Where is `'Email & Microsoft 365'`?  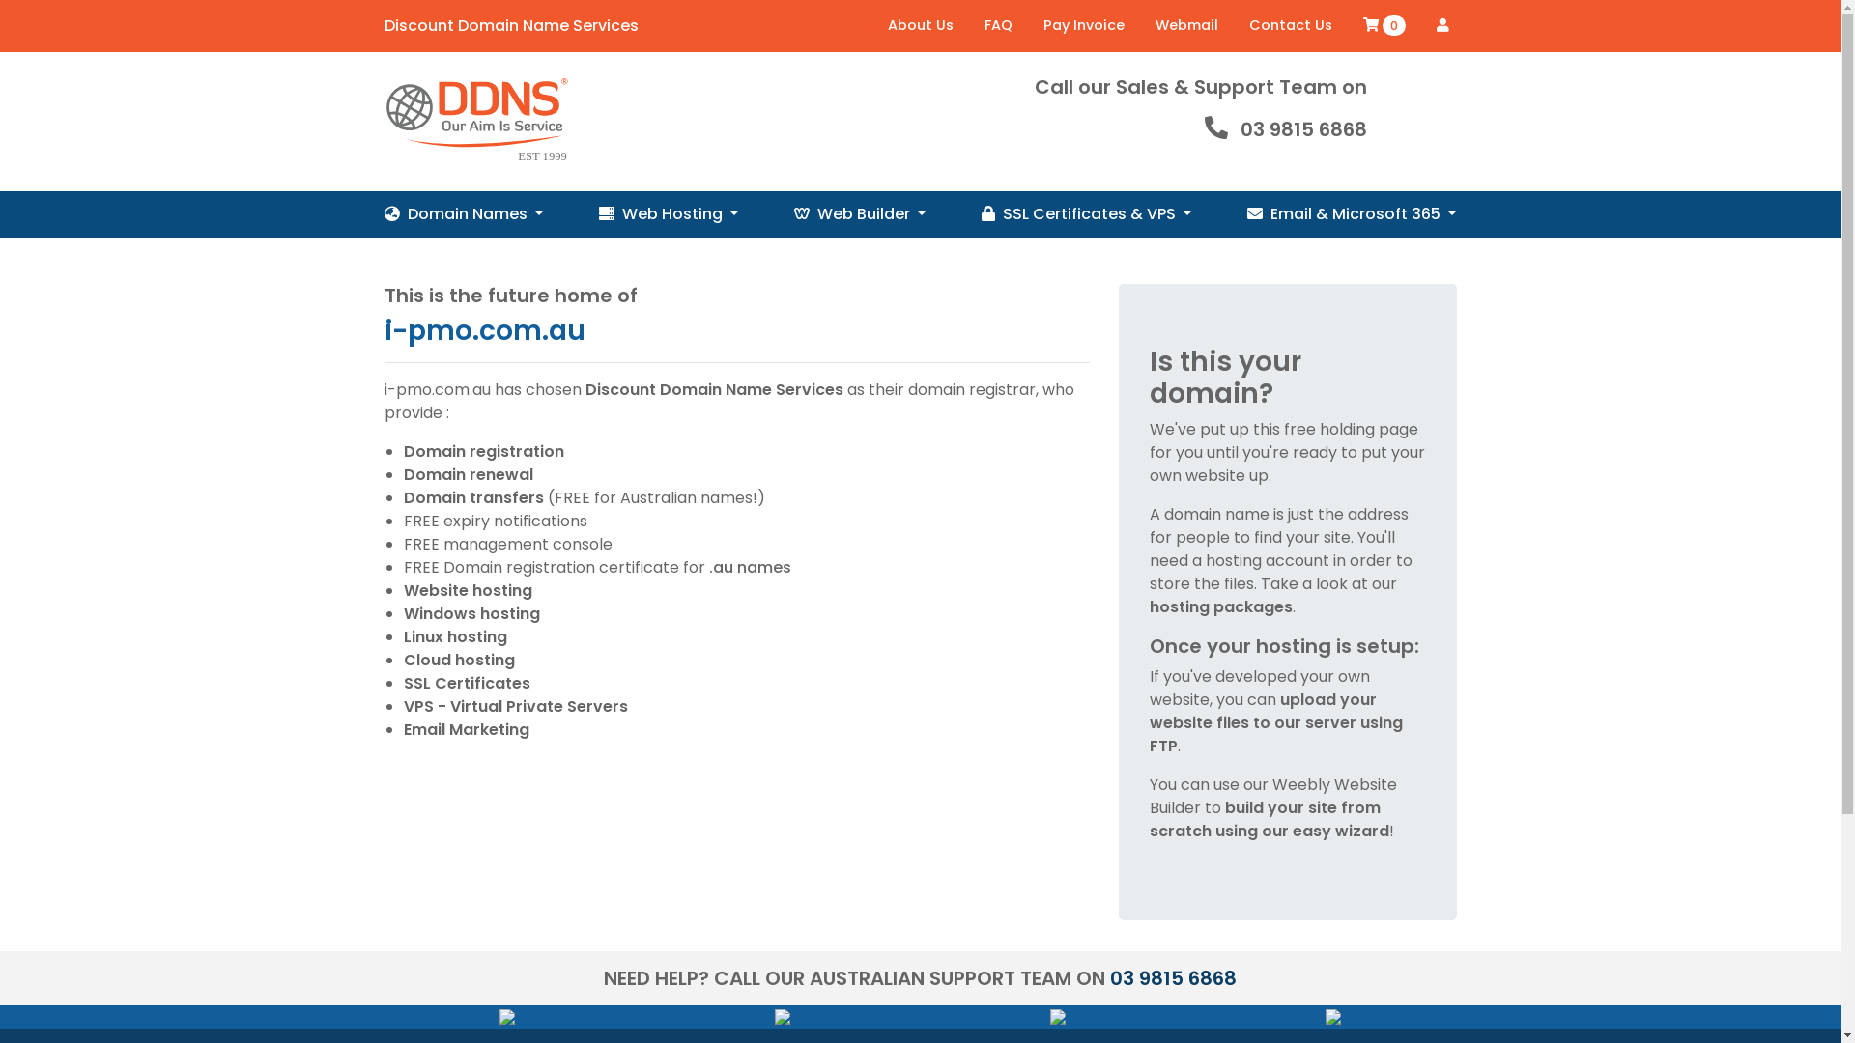
'Email & Microsoft 365' is located at coordinates (1350, 214).